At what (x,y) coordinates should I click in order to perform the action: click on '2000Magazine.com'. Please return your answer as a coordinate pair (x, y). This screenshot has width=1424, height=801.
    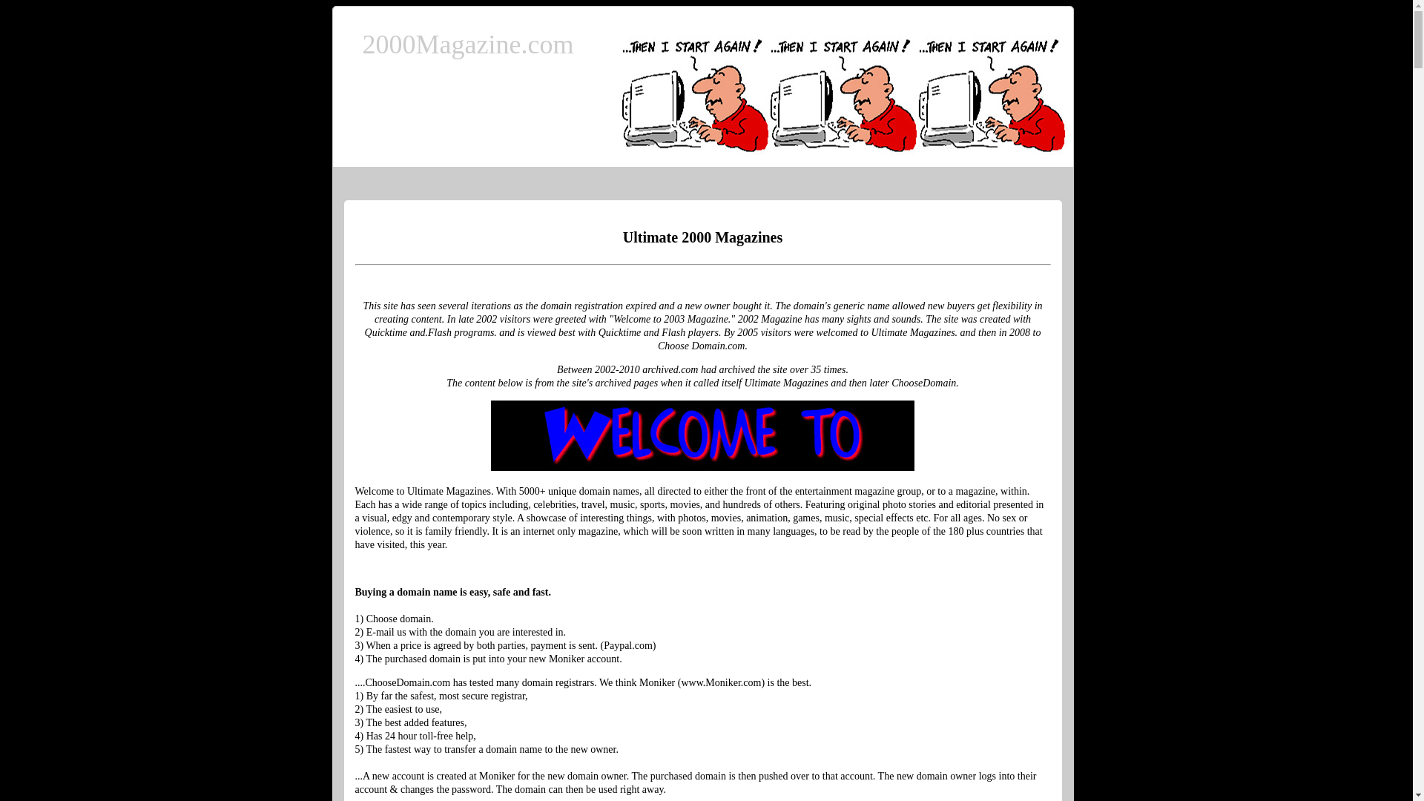
    Looking at the image, I should click on (467, 44).